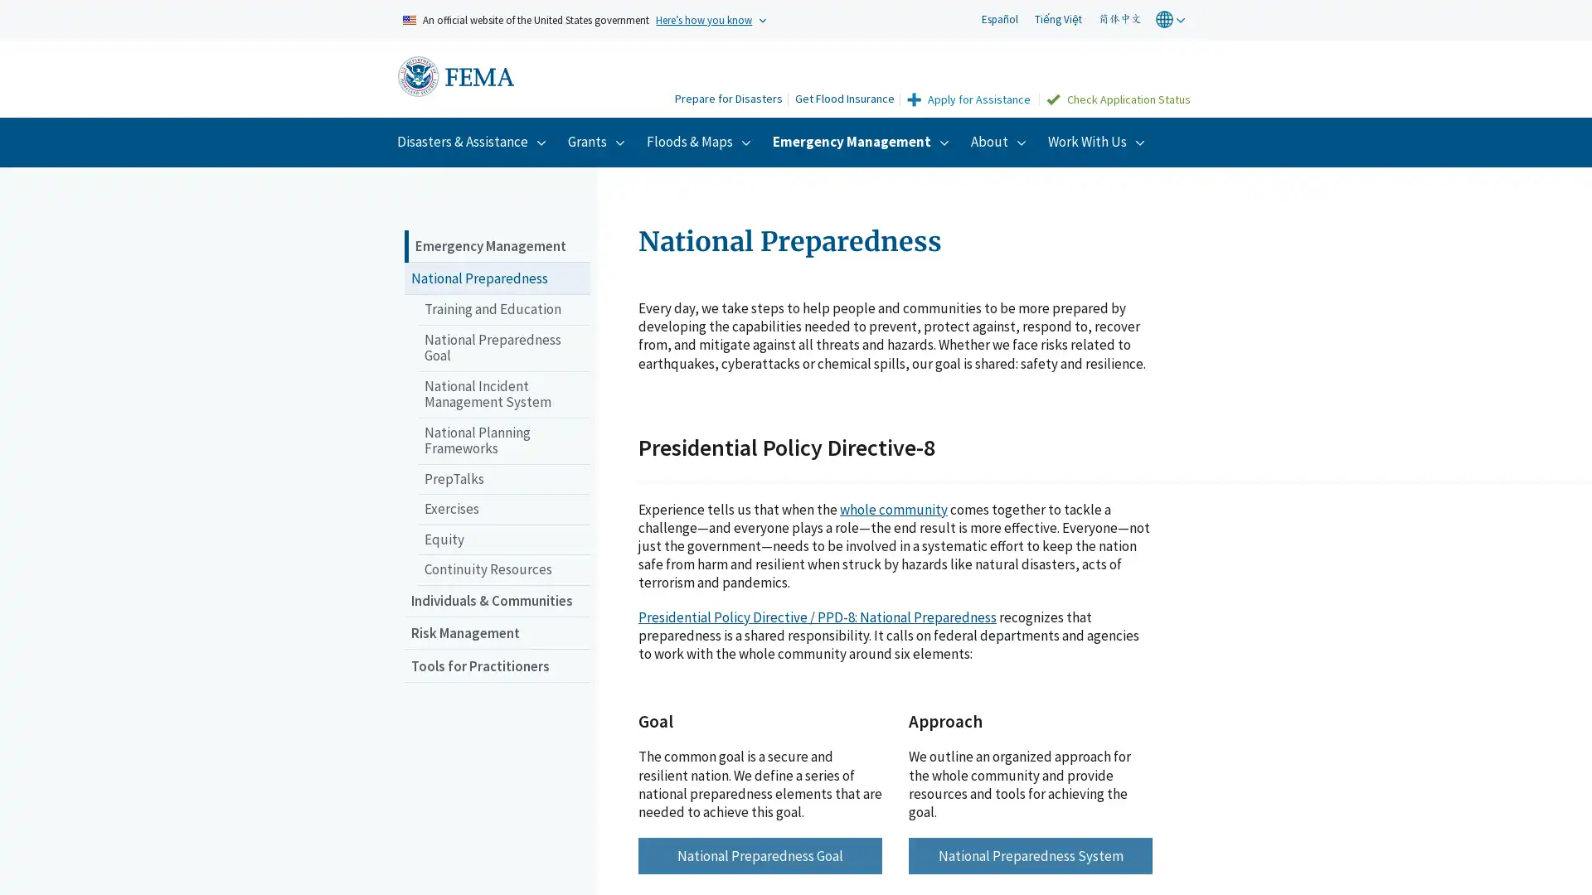  I want to click on Disasters & Assistance, so click(473, 140).